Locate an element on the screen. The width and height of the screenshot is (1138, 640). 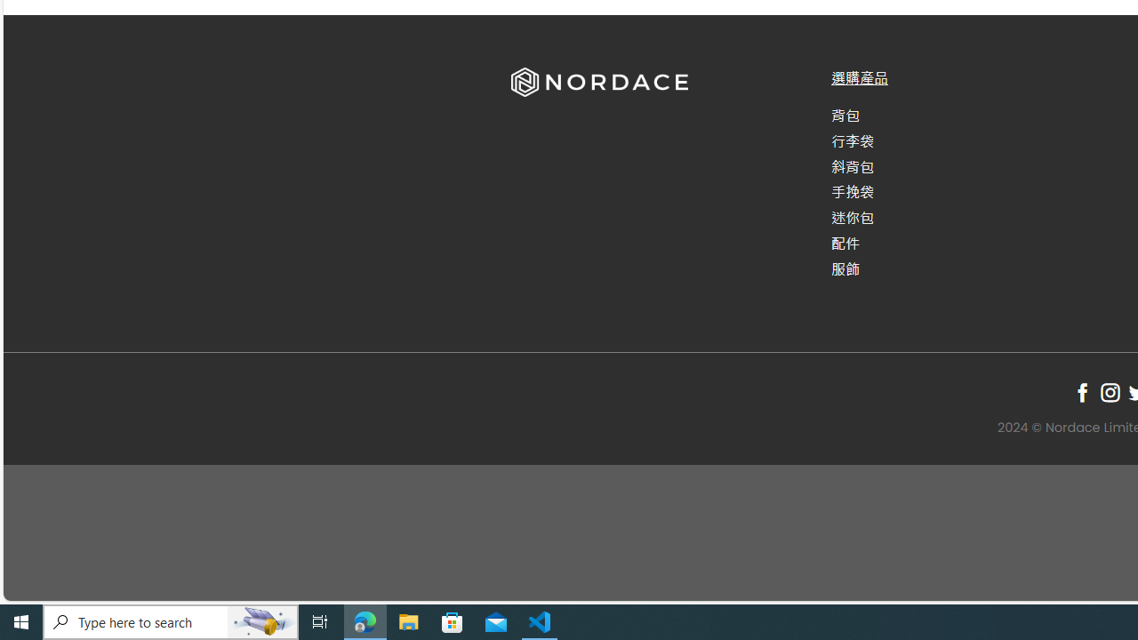
'Follow on Instagram' is located at coordinates (1109, 391).